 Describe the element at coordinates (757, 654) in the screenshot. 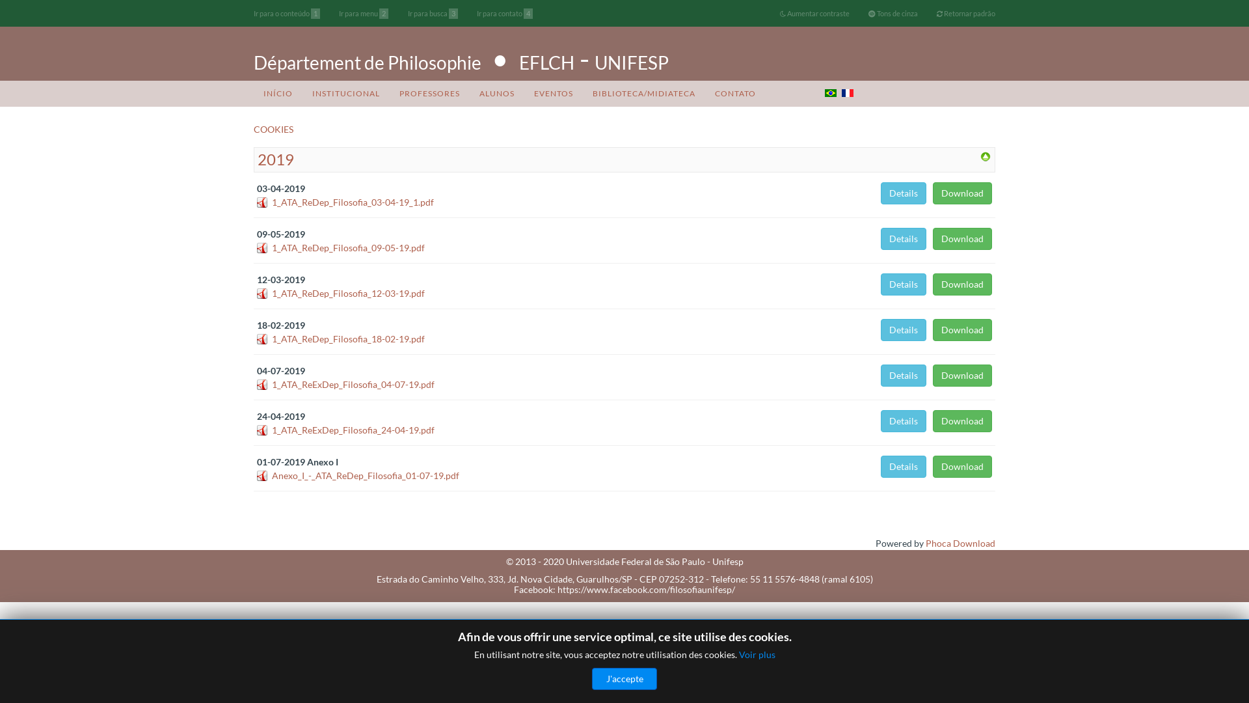

I see `'Voir plus'` at that location.